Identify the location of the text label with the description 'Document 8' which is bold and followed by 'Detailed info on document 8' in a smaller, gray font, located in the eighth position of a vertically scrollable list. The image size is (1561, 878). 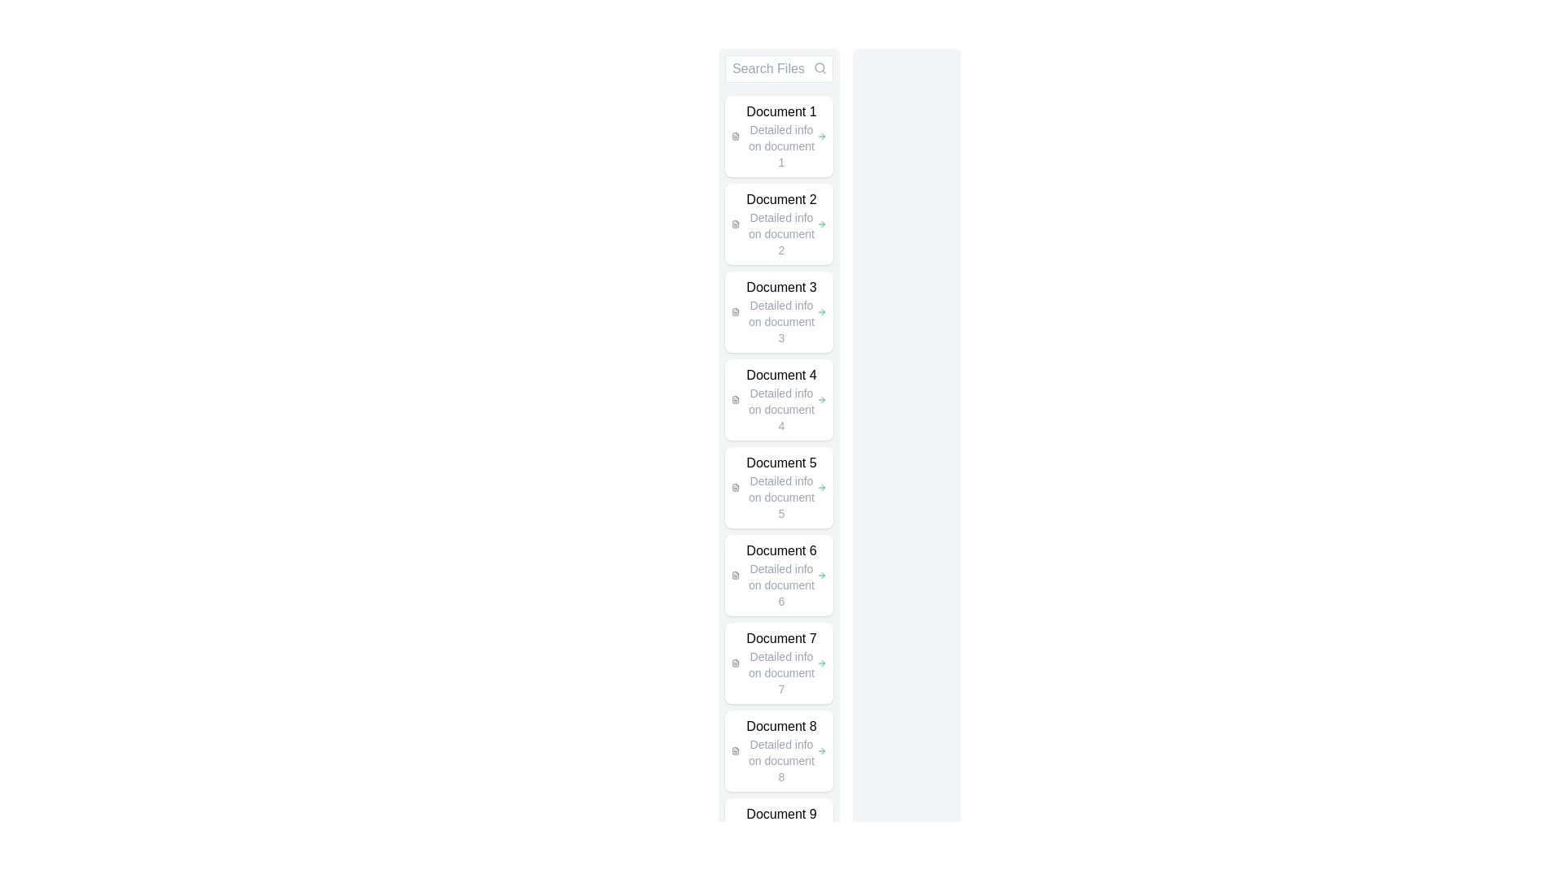
(781, 751).